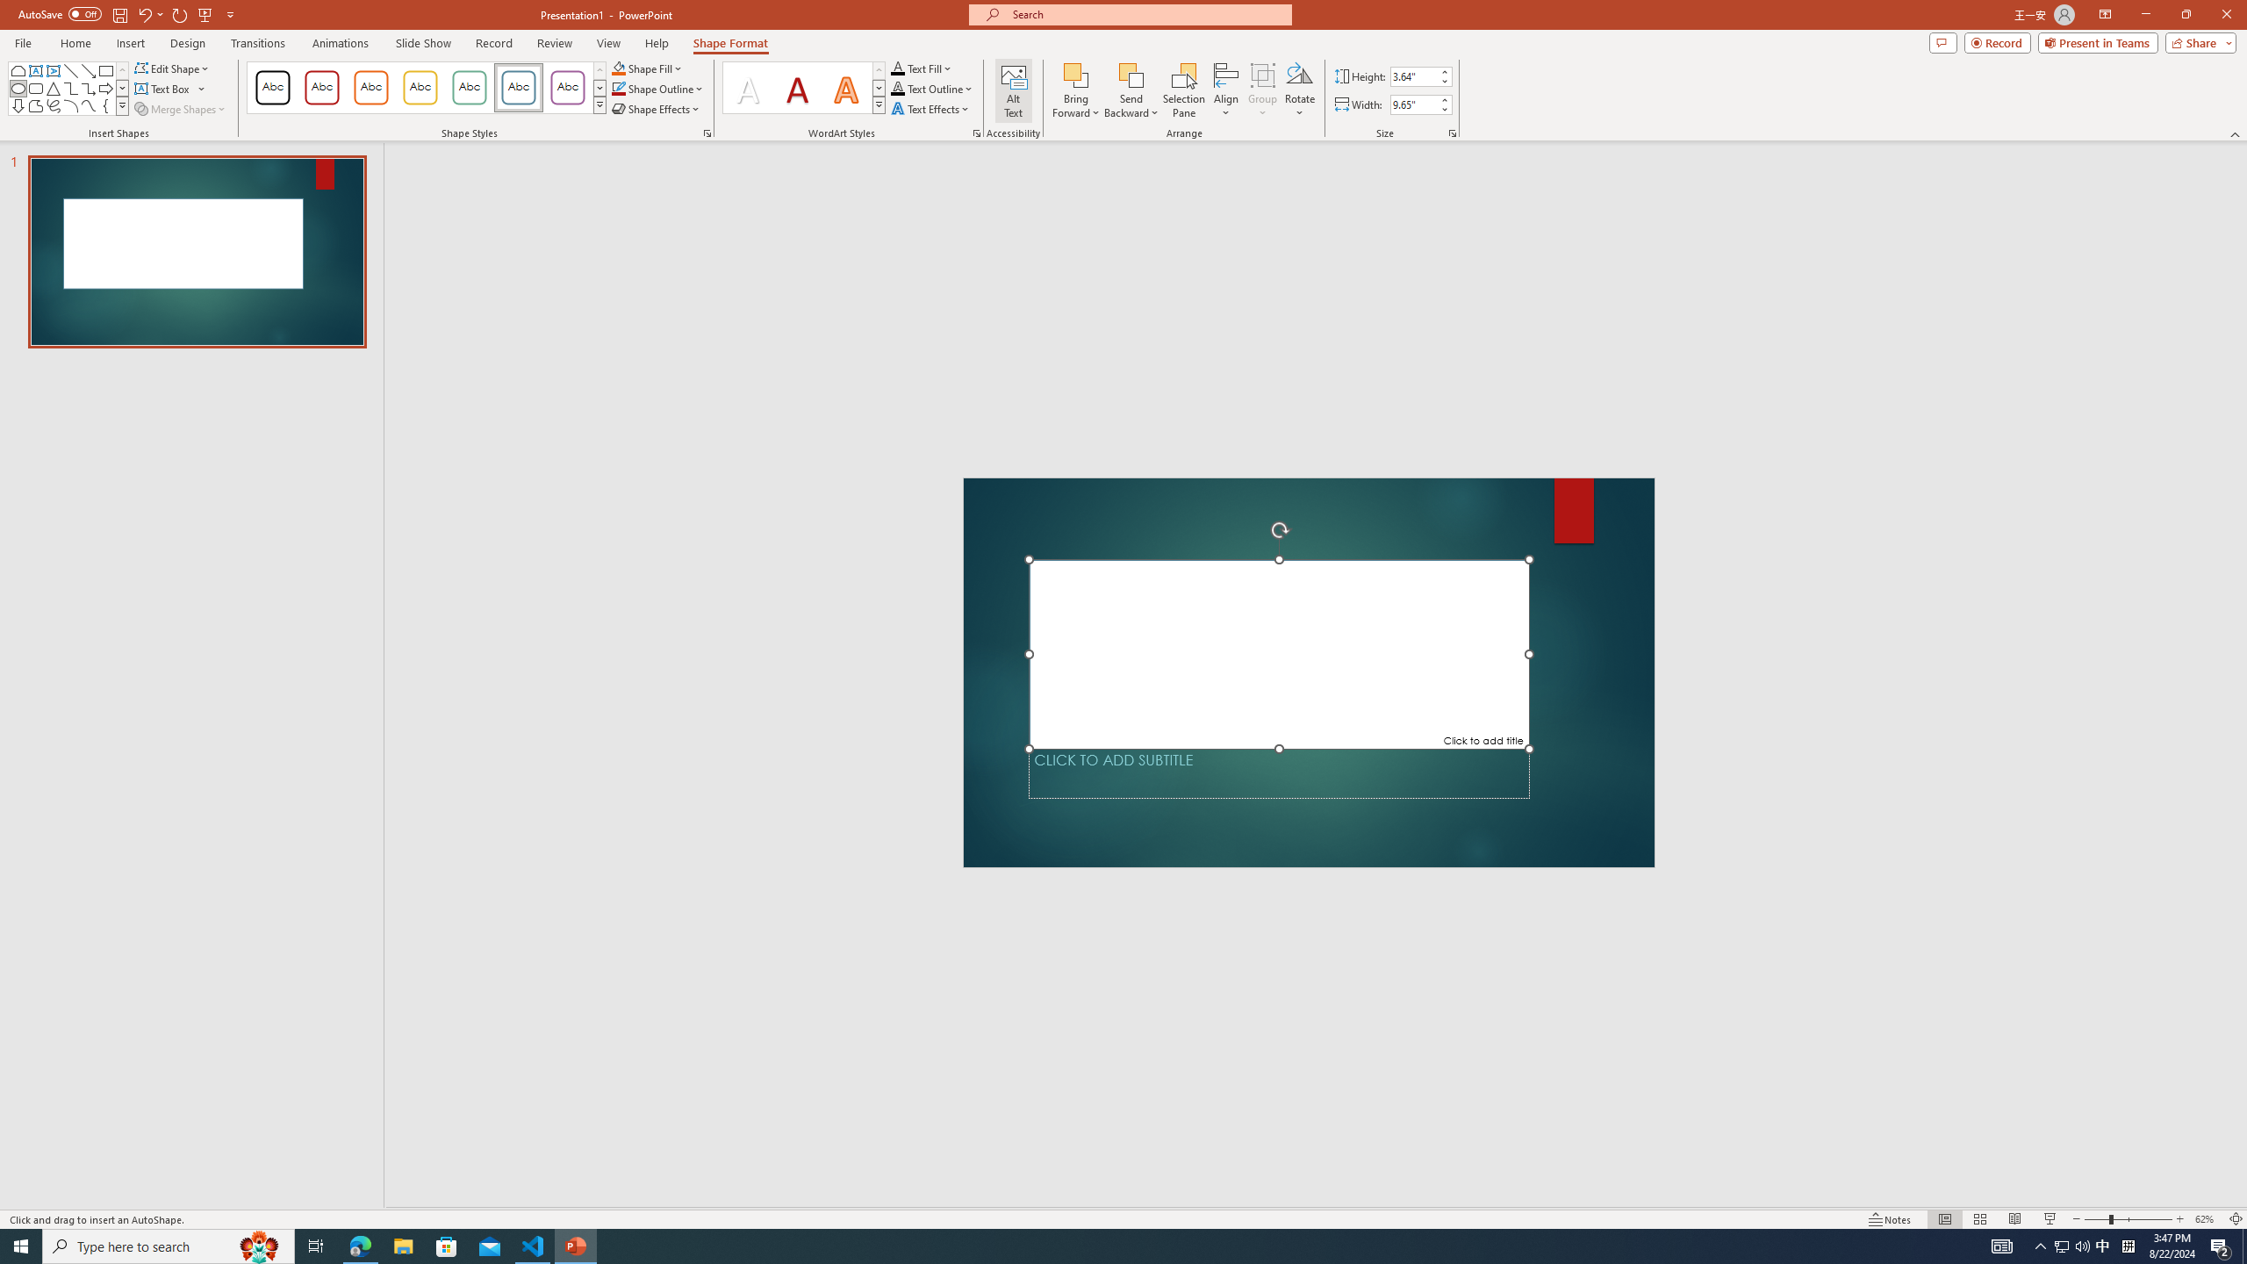  What do you see at coordinates (426, 87) in the screenshot?
I see `'AutomationID: ShapeStylesGallery'` at bounding box center [426, 87].